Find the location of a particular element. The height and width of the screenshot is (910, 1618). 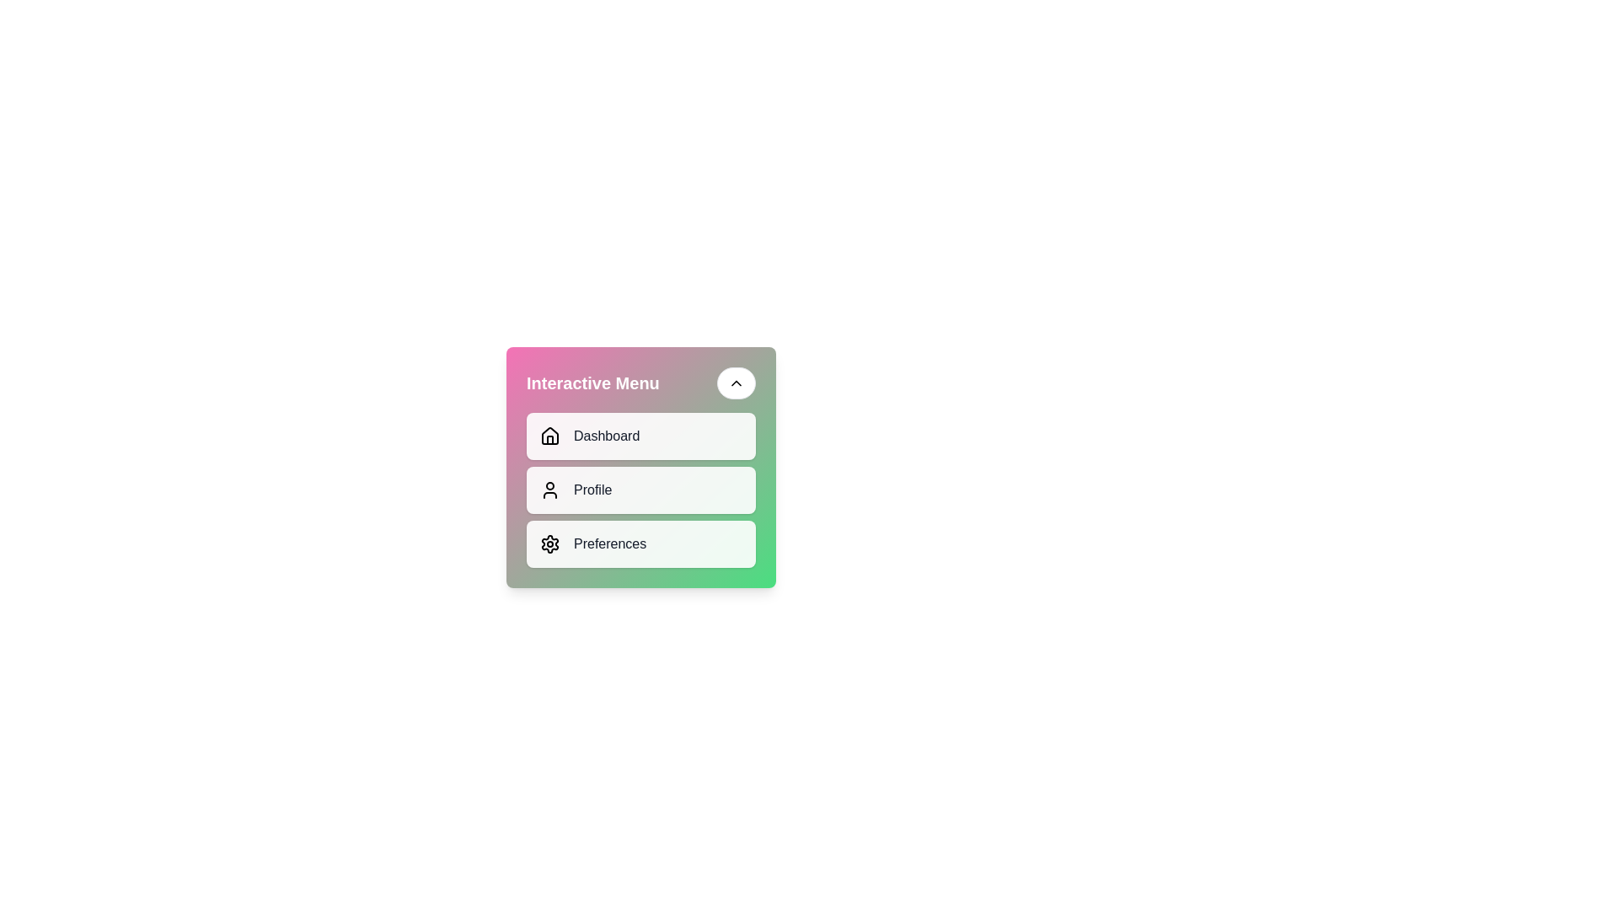

the Icon button with a chevron symbol located above the menu panel, which is contained within a rounded button-like structure is located at coordinates (736, 383).